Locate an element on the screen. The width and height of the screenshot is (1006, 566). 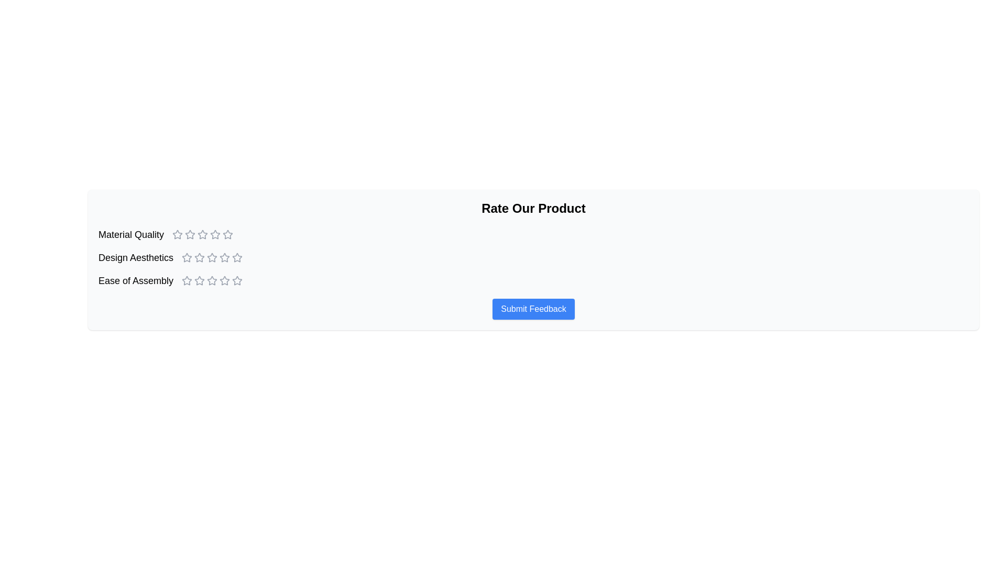
the third star in the row of rating stars under the 'Material Quality' category is located at coordinates (190, 234).